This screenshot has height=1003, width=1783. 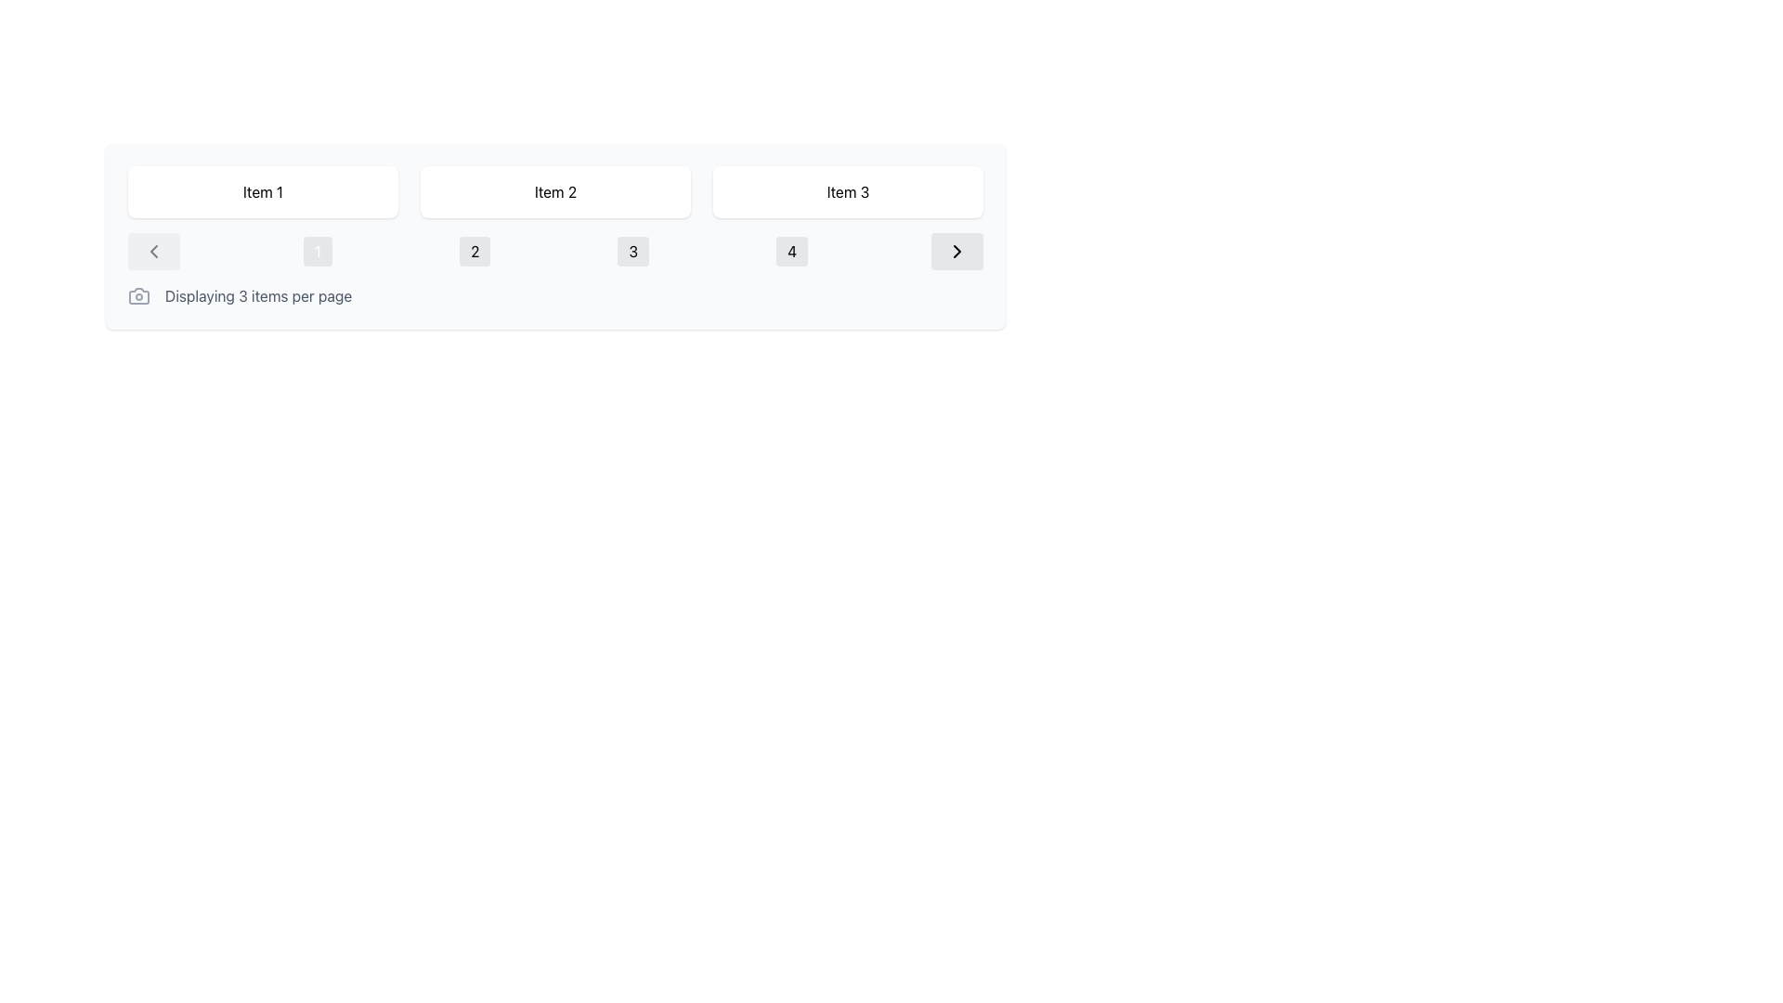 I want to click on the forward navigation button for pagination, so click(x=957, y=251).